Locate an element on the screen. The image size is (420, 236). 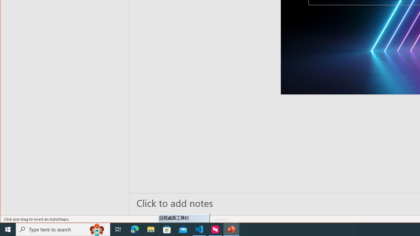
'Search highlights icon opens search home window' is located at coordinates (96, 229).